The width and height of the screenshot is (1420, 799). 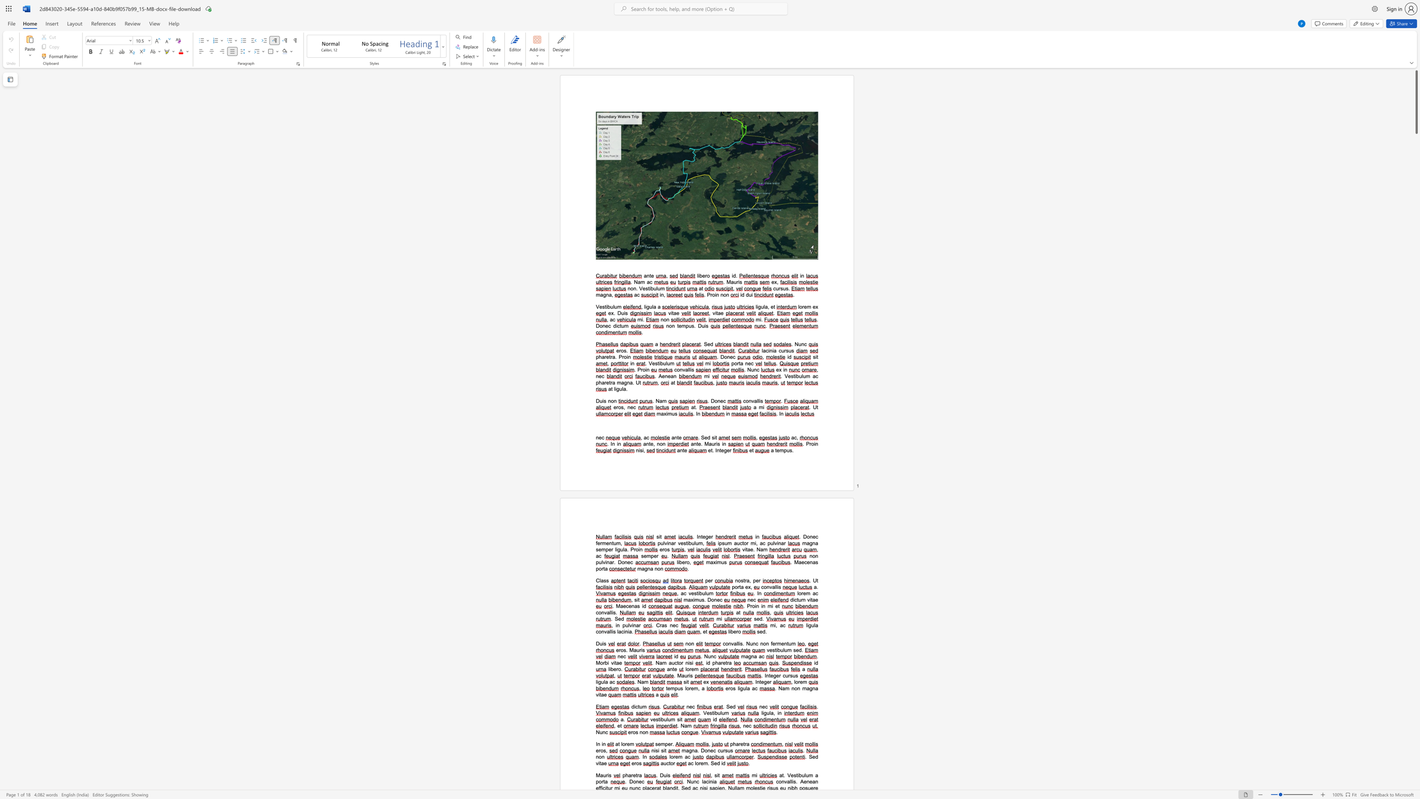 I want to click on the space between the continuous character "M" and "o" in the text, so click(x=600, y=662).